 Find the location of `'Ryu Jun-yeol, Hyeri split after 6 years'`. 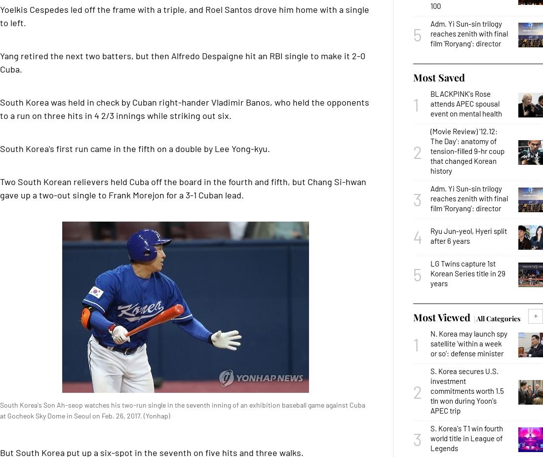

'Ryu Jun-yeol, Hyeri split after 6 years' is located at coordinates (429, 235).